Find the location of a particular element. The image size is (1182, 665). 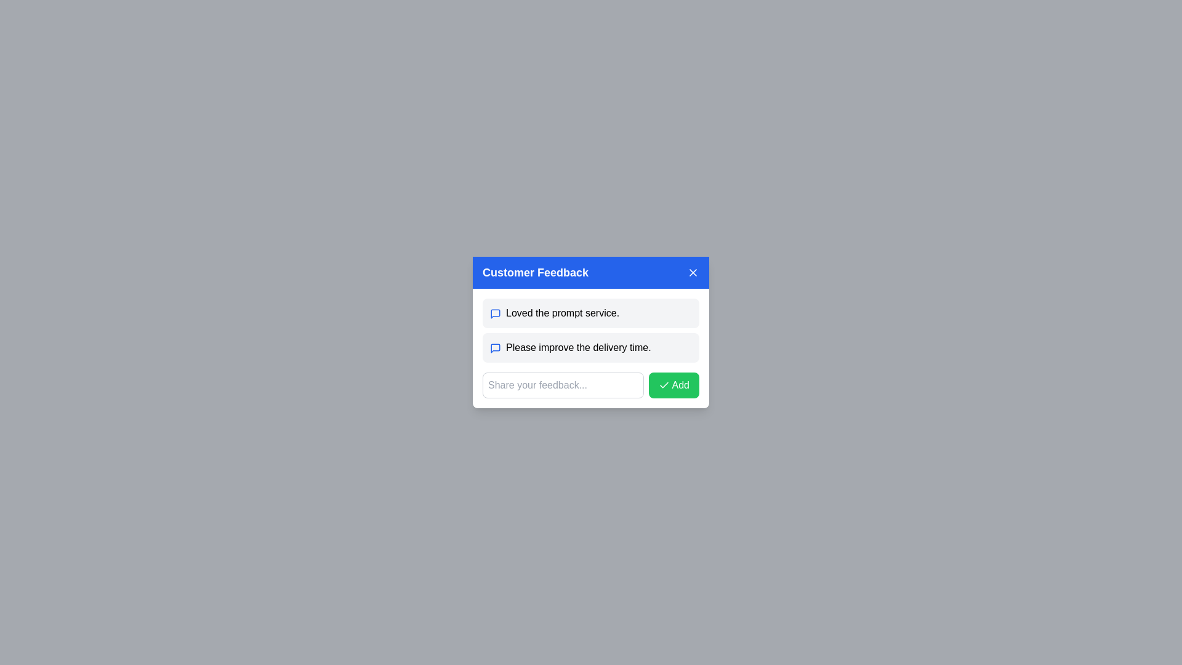

the checkmark icon with a green background and white stroke located within the 'Add' button at the bottom right of the feedback modal box to understand its action context is located at coordinates (663, 384).